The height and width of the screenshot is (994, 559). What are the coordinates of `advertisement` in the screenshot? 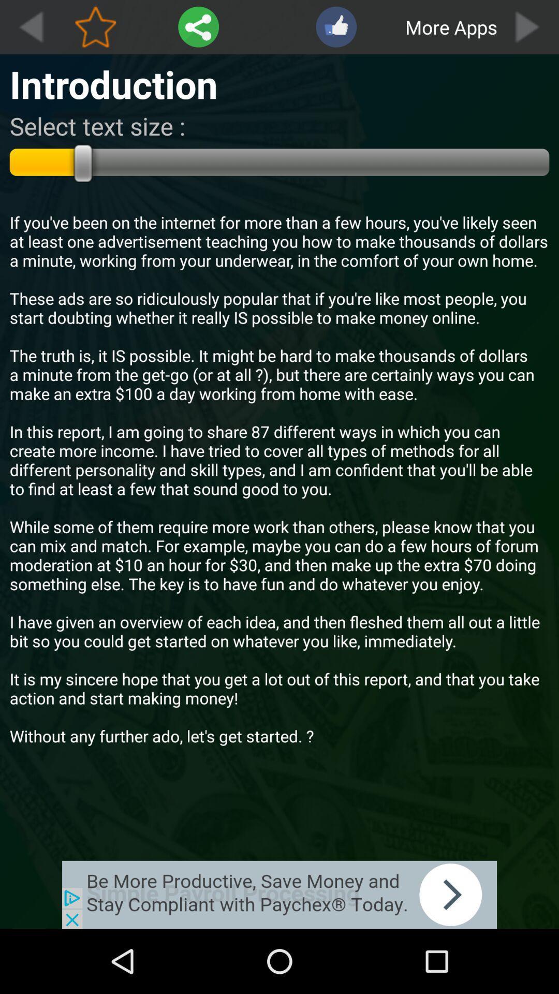 It's located at (279, 894).